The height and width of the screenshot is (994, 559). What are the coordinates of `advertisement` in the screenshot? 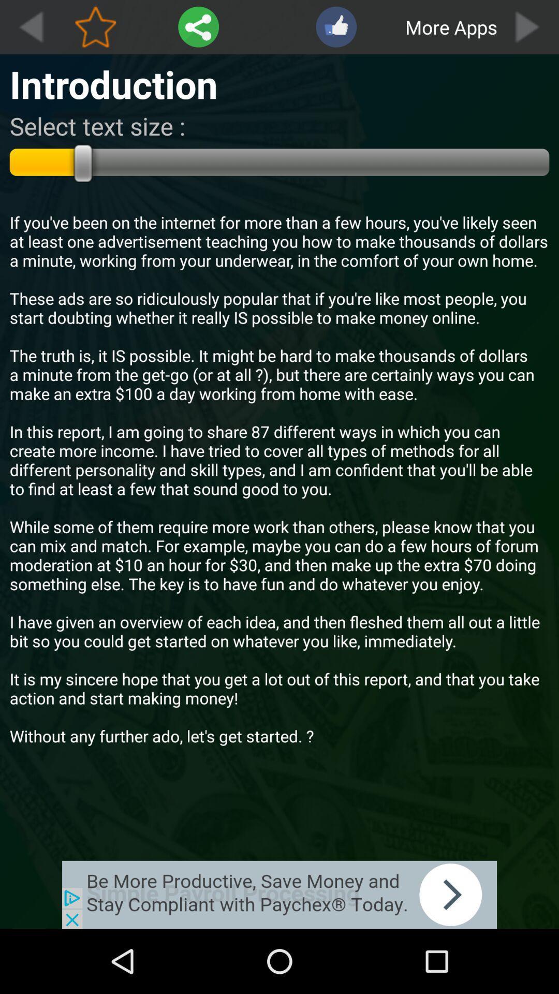 It's located at (279, 894).